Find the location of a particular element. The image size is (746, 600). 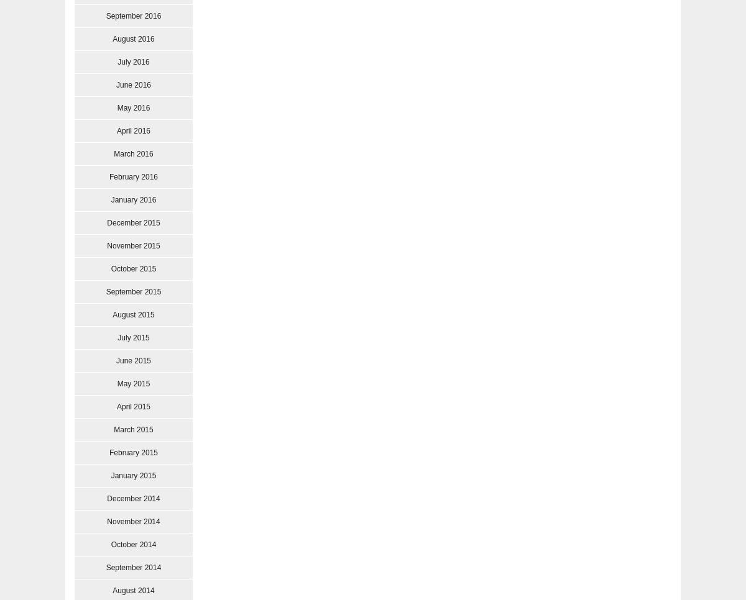

'October 2015' is located at coordinates (132, 268).